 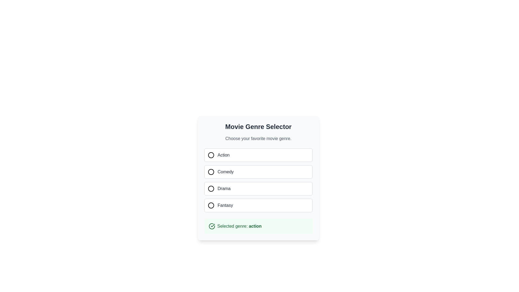 I want to click on the text label that reads 'Choose your favorite movie genre.' which is styled in gray font and positioned directly below the heading 'Movie Genre Selector', so click(x=258, y=138).